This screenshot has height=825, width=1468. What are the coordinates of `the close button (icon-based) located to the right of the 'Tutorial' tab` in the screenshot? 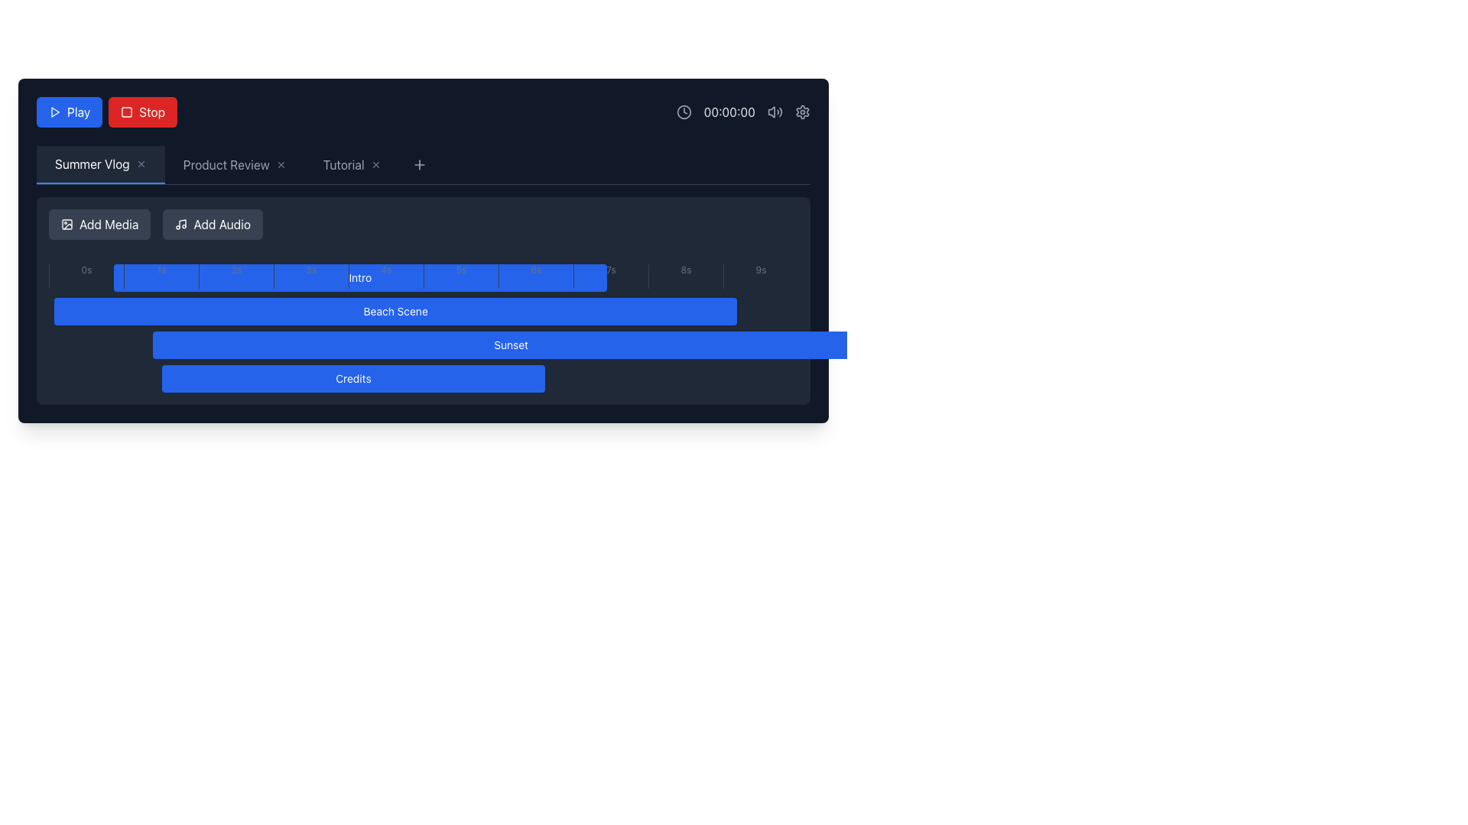 It's located at (375, 165).